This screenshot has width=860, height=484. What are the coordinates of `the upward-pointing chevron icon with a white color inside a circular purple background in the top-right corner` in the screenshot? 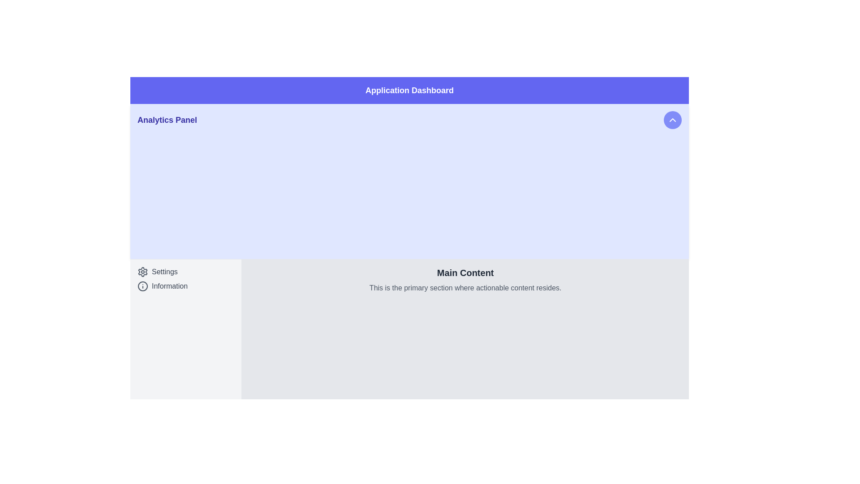 It's located at (673, 119).